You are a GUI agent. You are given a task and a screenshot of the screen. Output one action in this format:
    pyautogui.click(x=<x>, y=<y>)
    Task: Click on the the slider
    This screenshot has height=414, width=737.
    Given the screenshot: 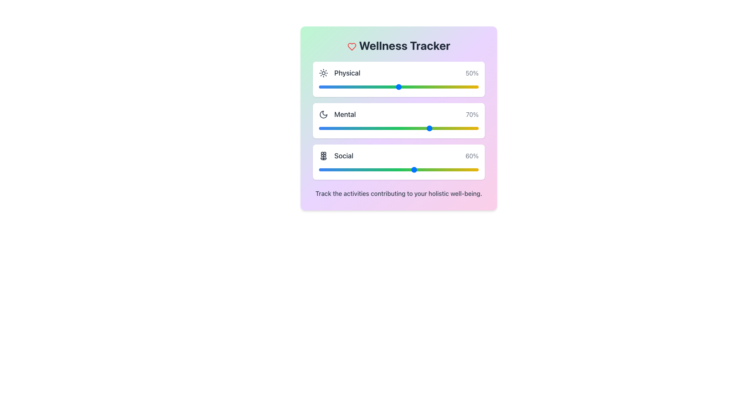 What is the action you would take?
    pyautogui.click(x=431, y=128)
    